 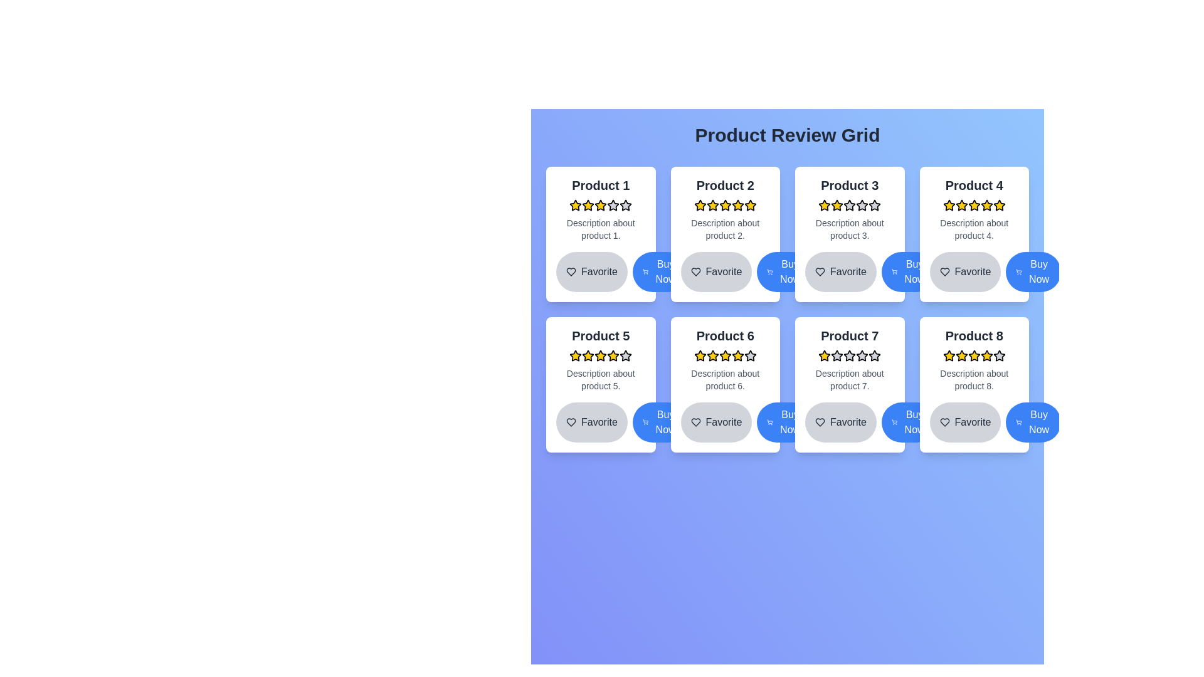 What do you see at coordinates (725, 355) in the screenshot?
I see `the yellow star icon representing a 2.5-star rating for 'Product 6' in the product review grid` at bounding box center [725, 355].